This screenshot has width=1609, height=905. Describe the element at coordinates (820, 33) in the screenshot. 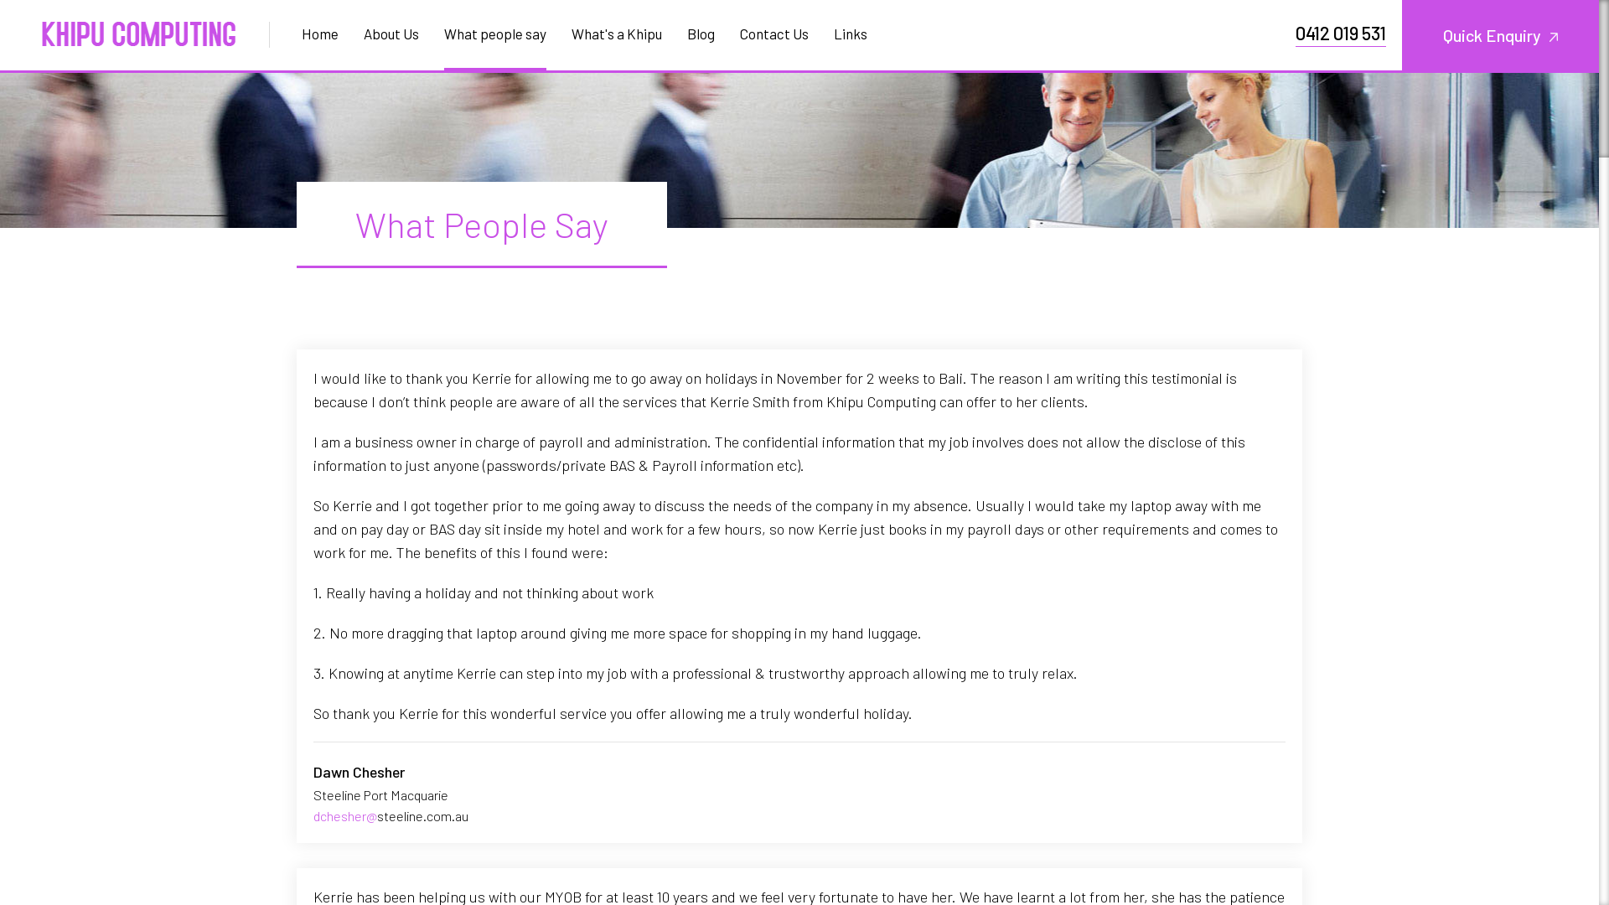

I see `'Links'` at that location.